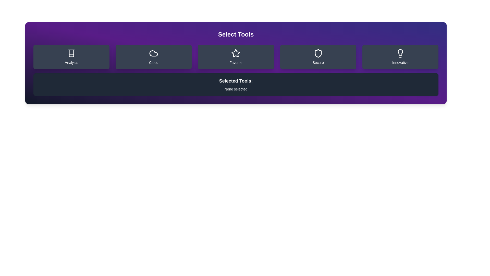 The height and width of the screenshot is (276, 490). I want to click on the Information display box which has a dark gray background and contains the text 'Selected Tools:' and 'None selected', so click(236, 84).